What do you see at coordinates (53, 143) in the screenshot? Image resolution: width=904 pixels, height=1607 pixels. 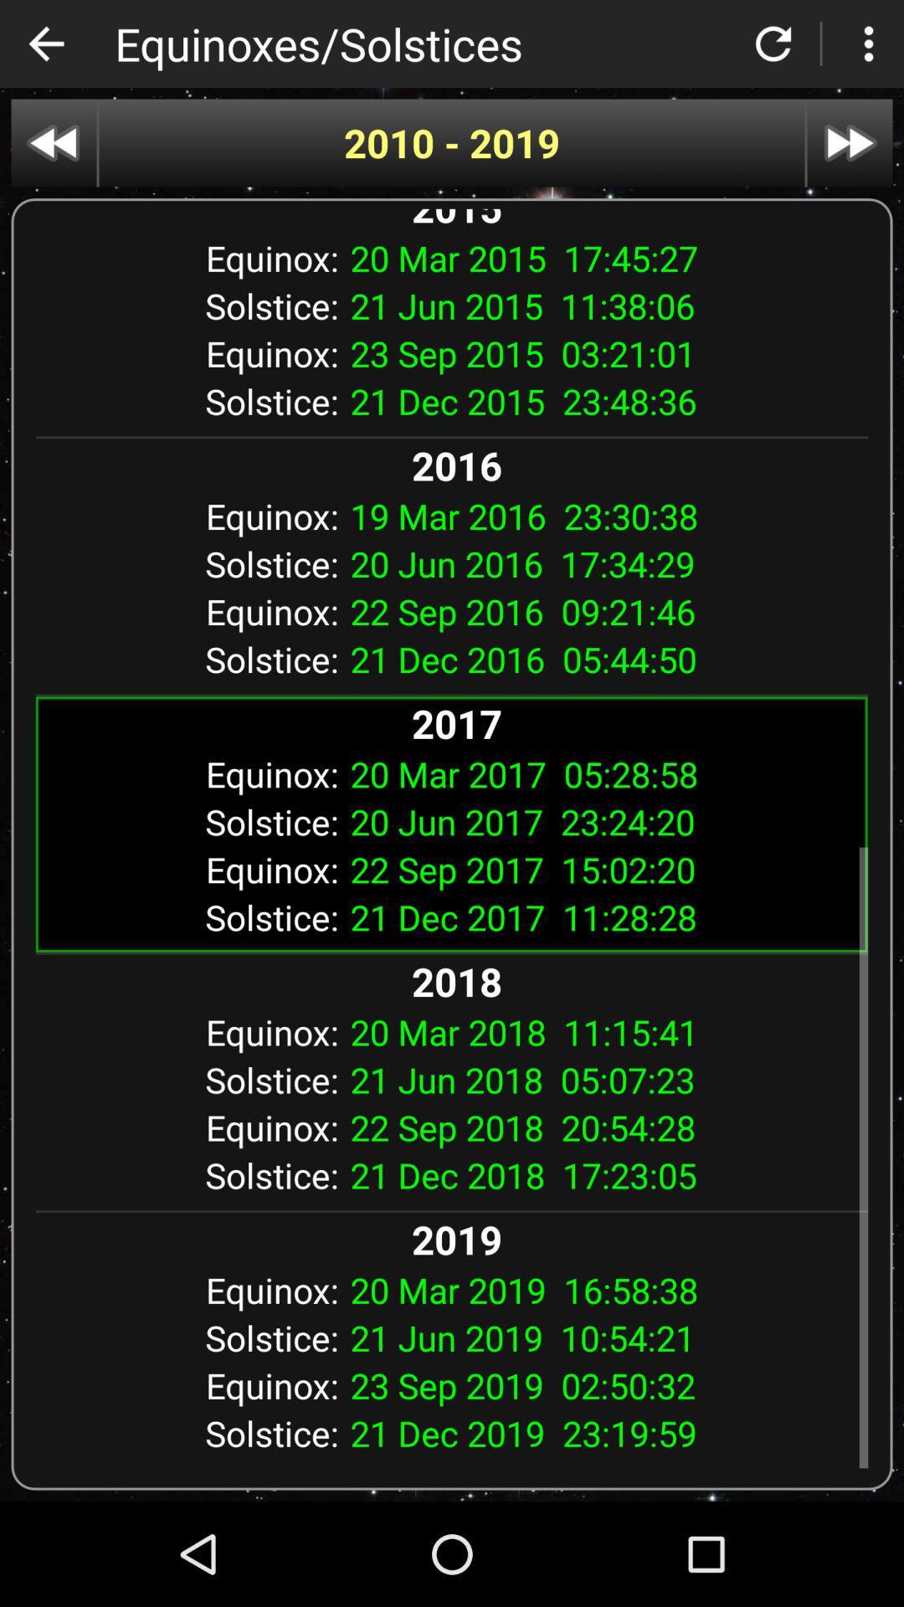 I see `the av_rewind icon` at bounding box center [53, 143].